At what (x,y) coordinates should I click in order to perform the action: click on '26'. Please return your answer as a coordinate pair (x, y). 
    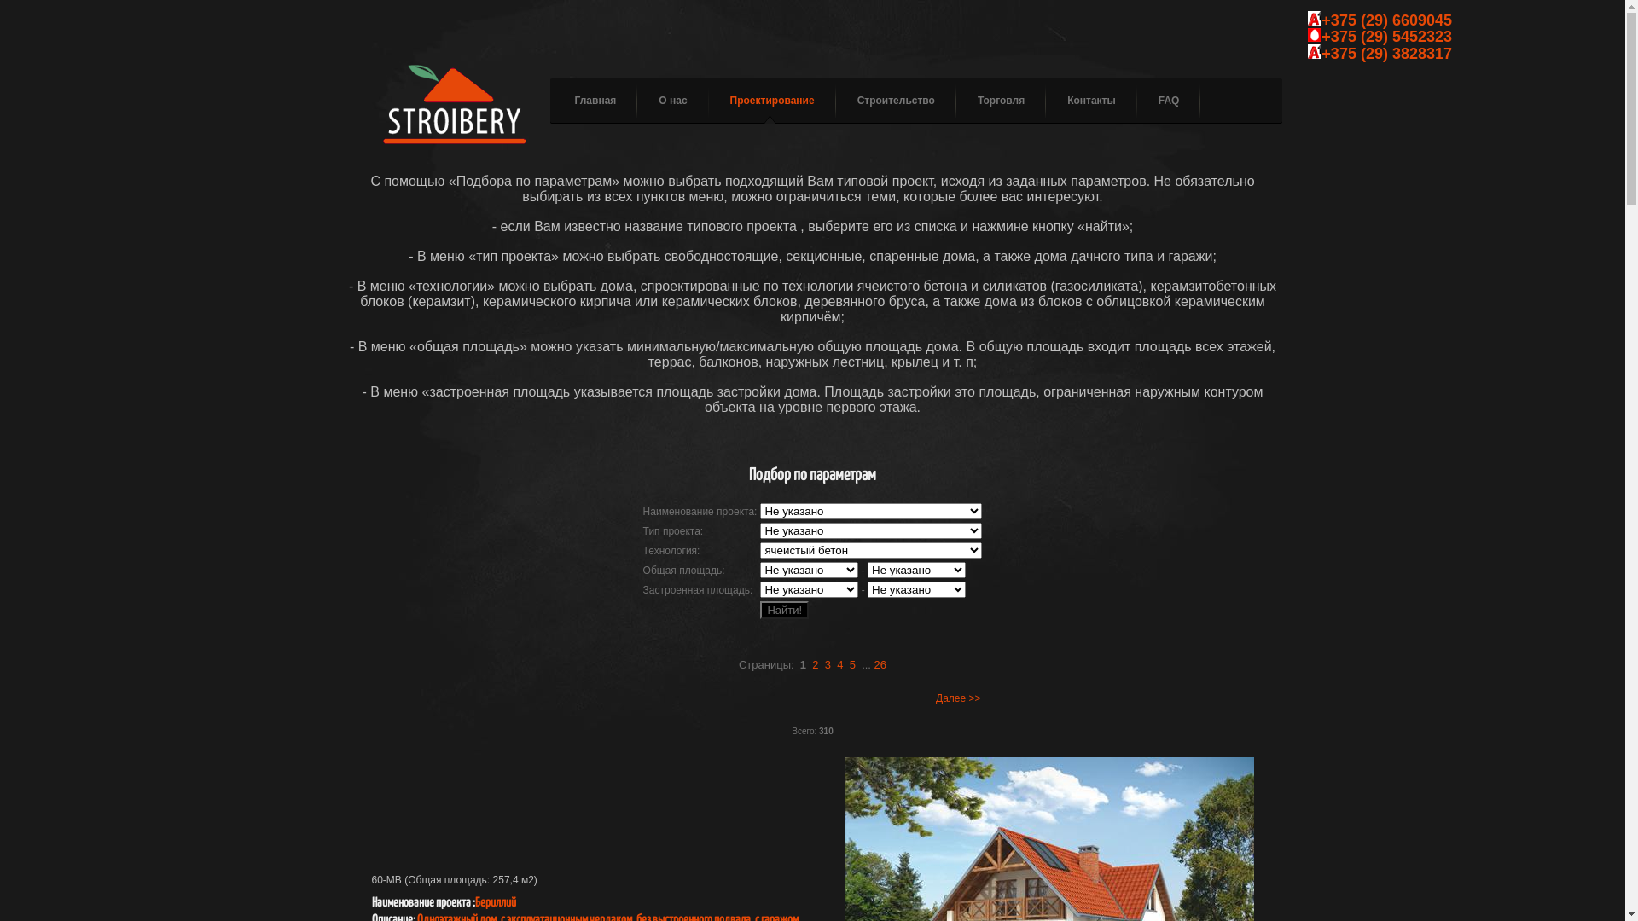
    Looking at the image, I should click on (880, 663).